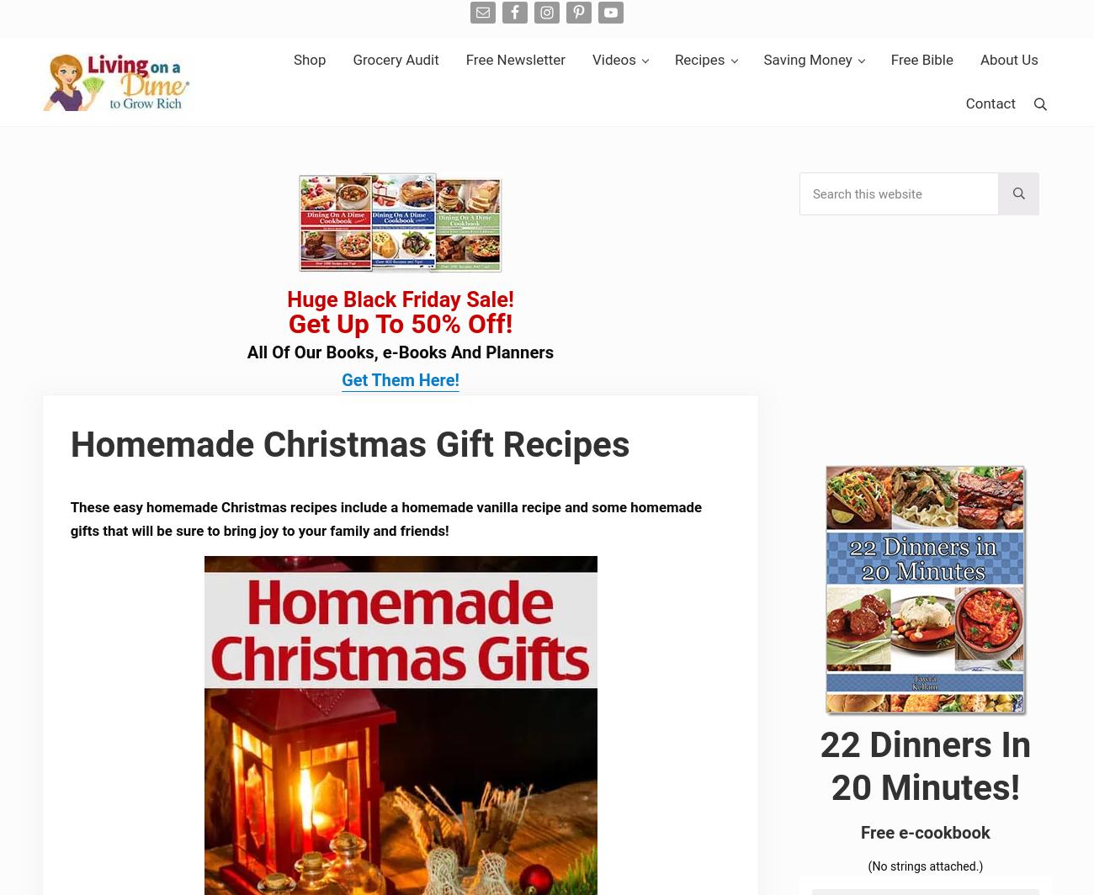  Describe the element at coordinates (399, 298) in the screenshot. I see `'Huge Black Friday Sale!'` at that location.